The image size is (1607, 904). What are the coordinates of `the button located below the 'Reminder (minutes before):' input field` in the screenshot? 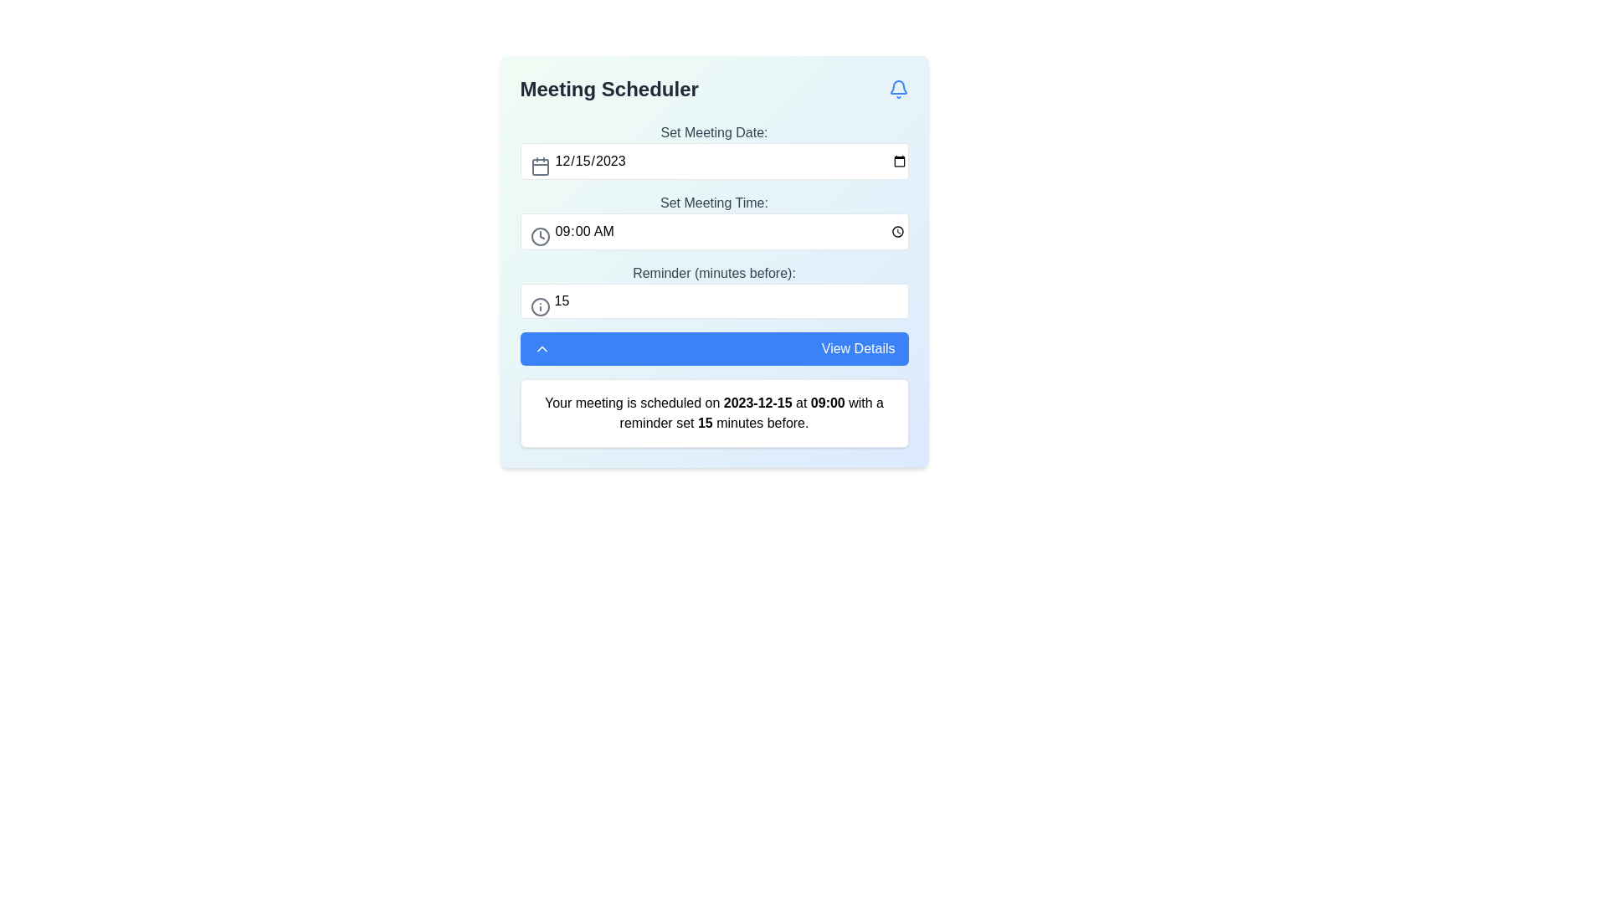 It's located at (714, 347).